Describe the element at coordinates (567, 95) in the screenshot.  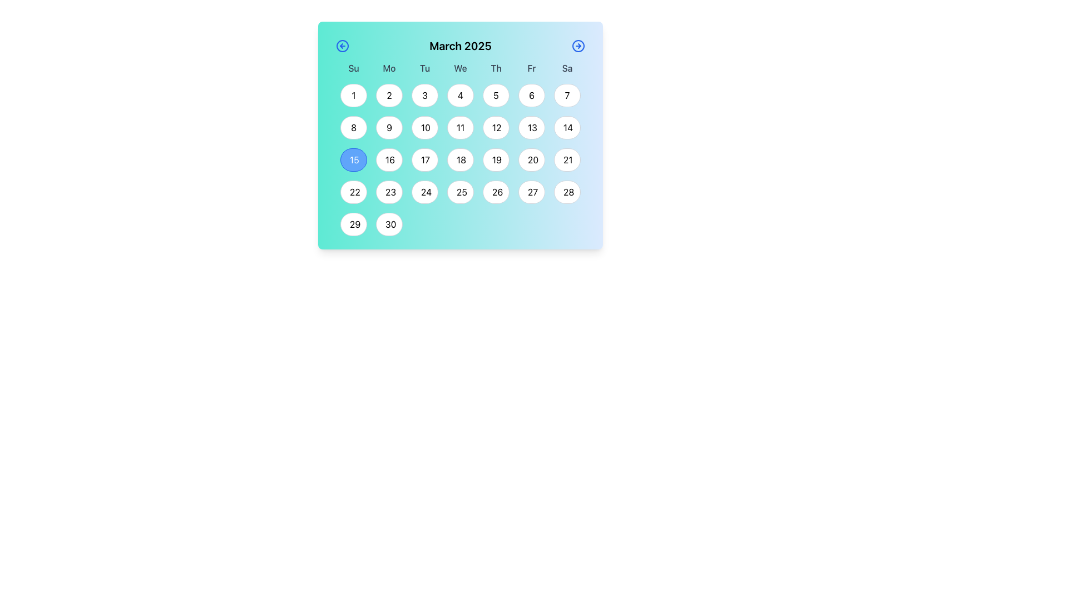
I see `the selectable date button '7' in the calendar layout` at that location.